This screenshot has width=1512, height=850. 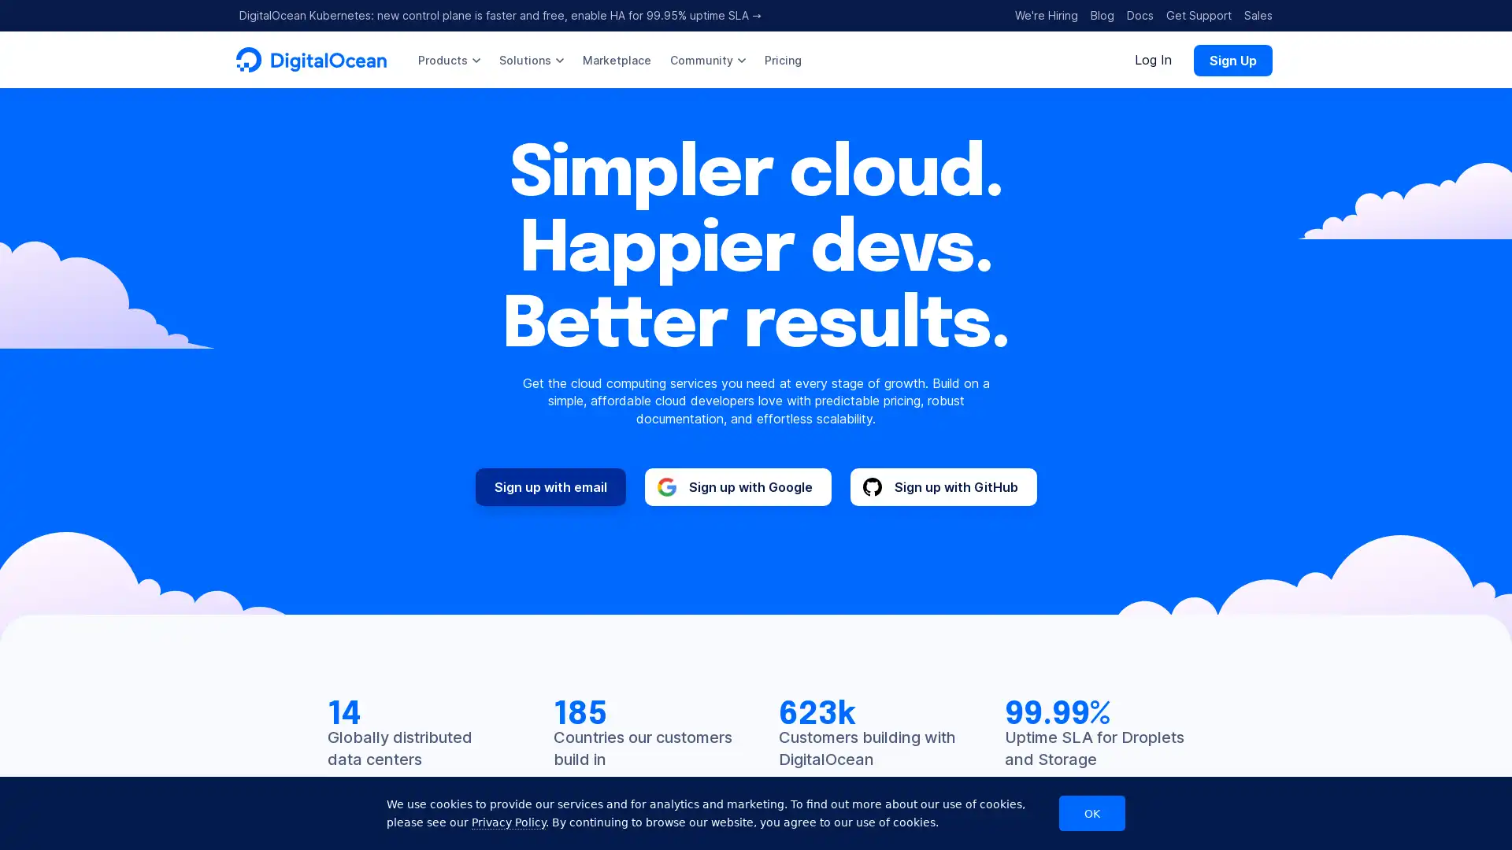 What do you see at coordinates (706, 59) in the screenshot?
I see `Community` at bounding box center [706, 59].